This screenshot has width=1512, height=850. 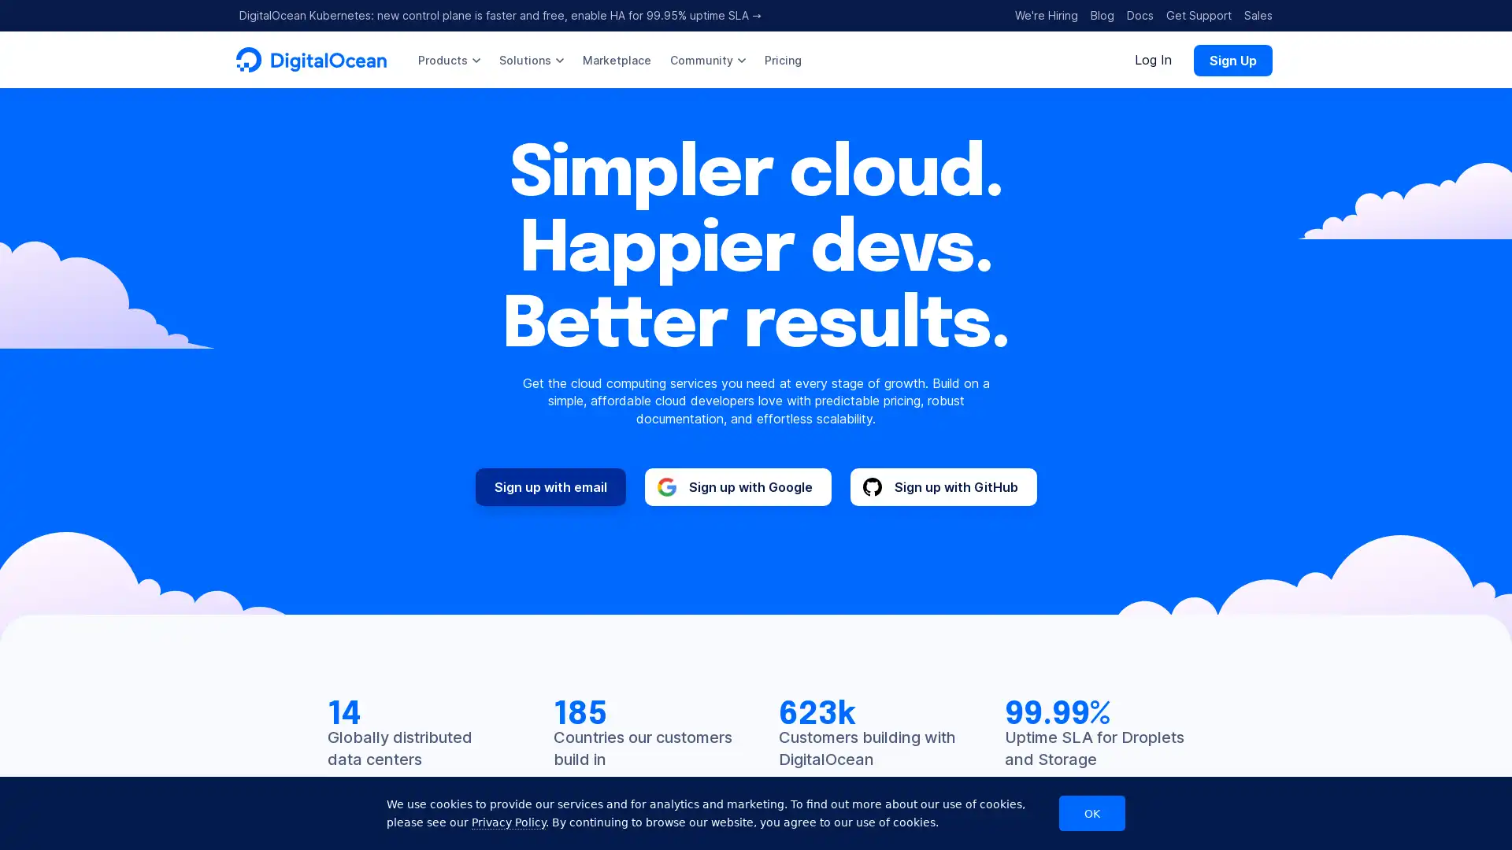 What do you see at coordinates (706, 59) in the screenshot?
I see `Community` at bounding box center [706, 59].